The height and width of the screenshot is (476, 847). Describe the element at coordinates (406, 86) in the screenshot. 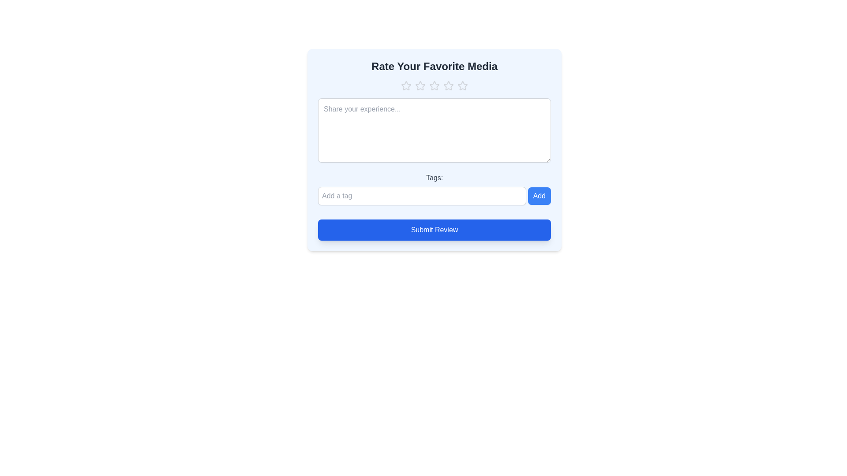

I see `the first star icon in the rating row` at that location.